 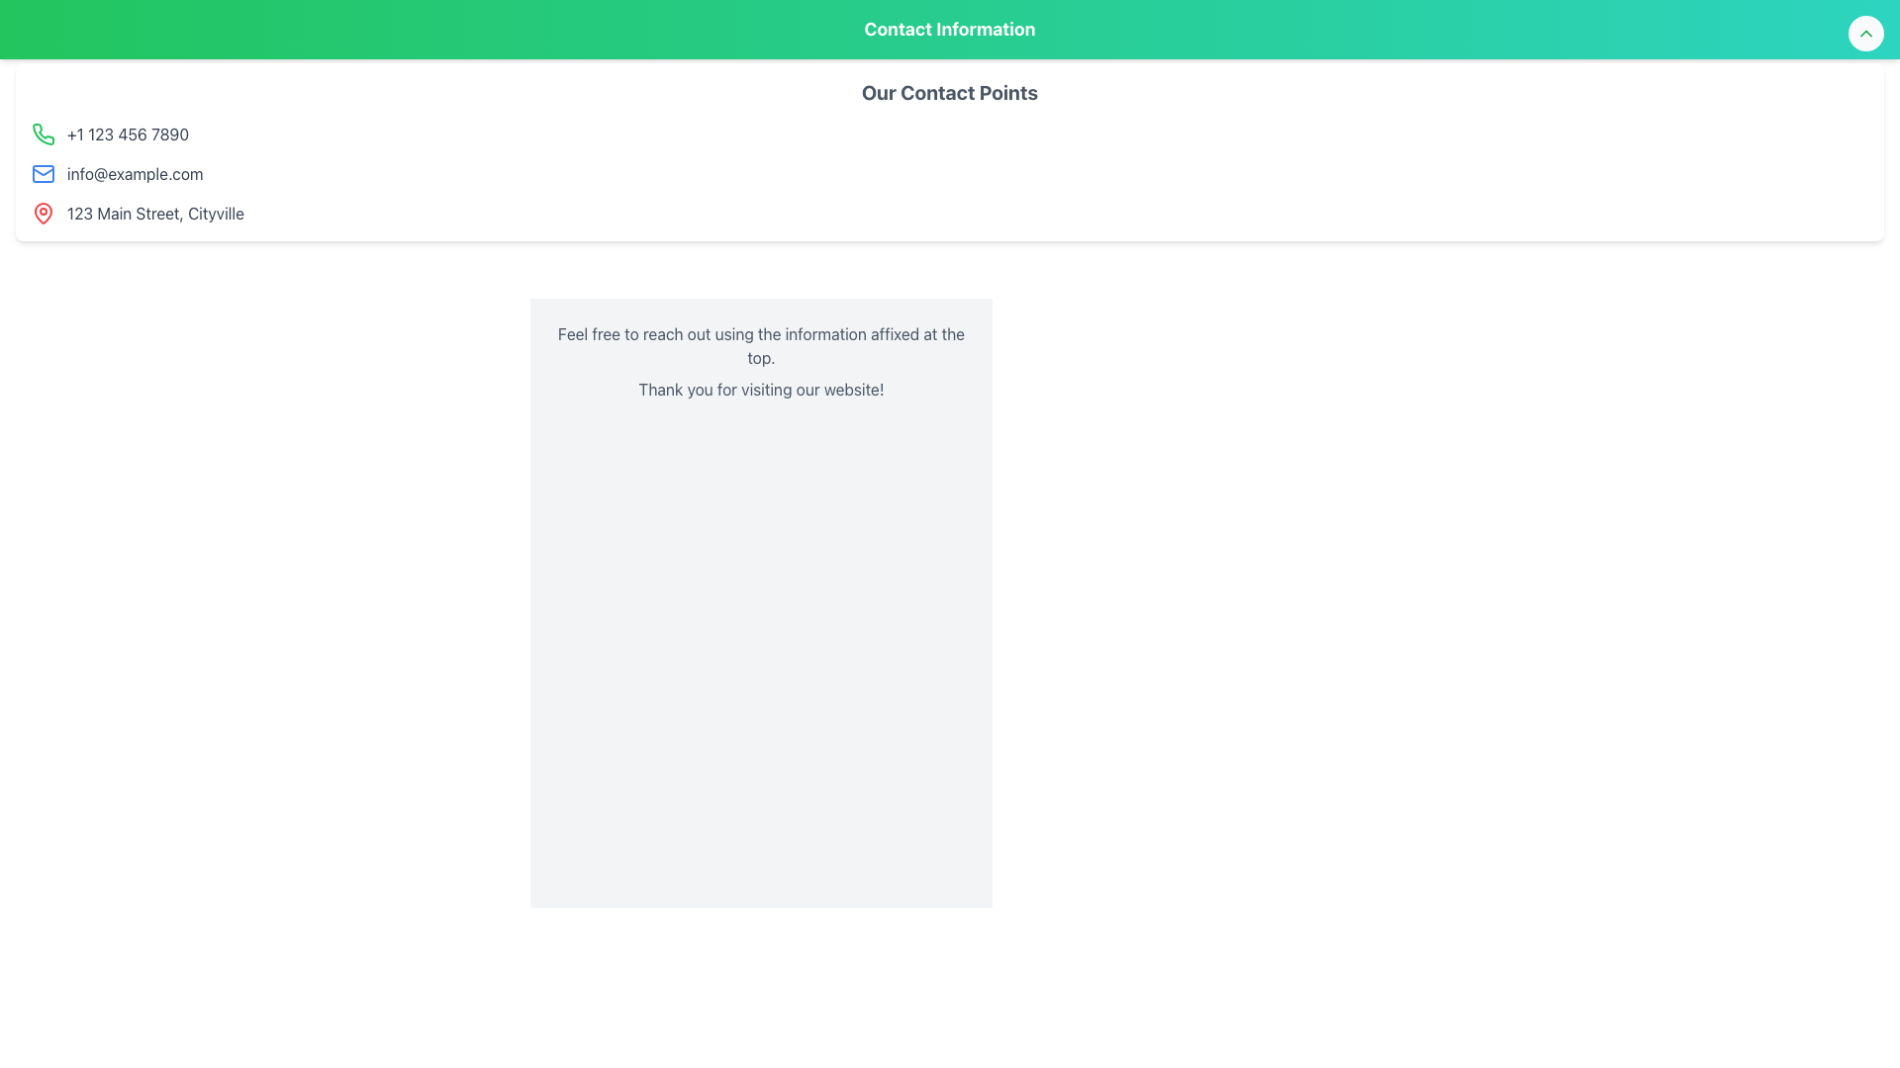 I want to click on the address text displayed in the contact section, located after the telephone number and email address, next to a red map pin icon, so click(x=154, y=214).